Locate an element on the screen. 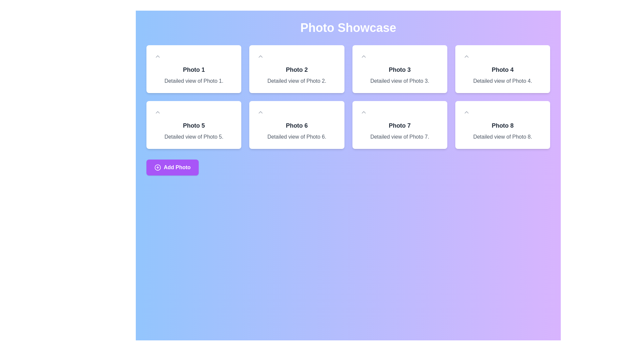 The width and height of the screenshot is (639, 359). the text label that provides a descriptive subtitle for the card labeled 'Photo 3', located at the bottom of the card and directly below the title is located at coordinates (399, 80).